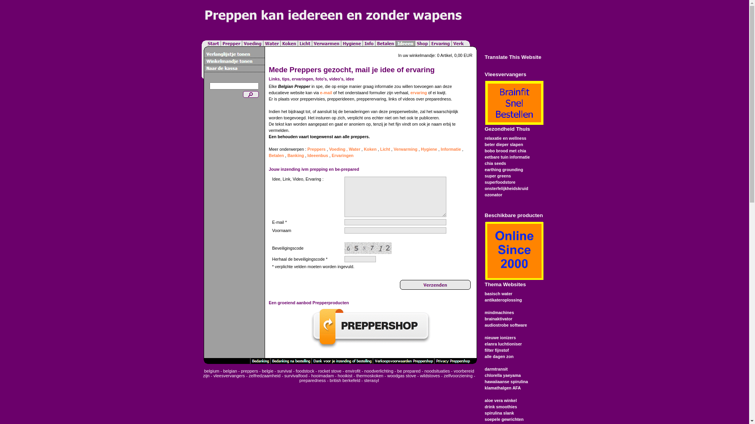 The image size is (755, 424). Describe the element at coordinates (318, 155) in the screenshot. I see `'Ideeenbus'` at that location.